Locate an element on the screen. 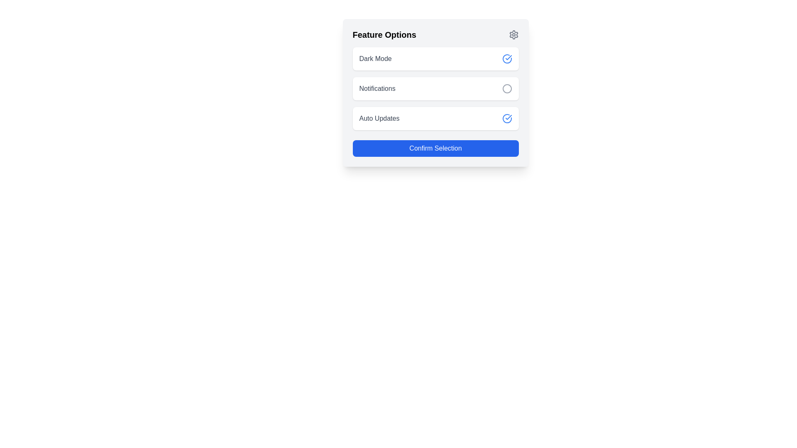  the descriptive text label for notifications, which is the second item in a vertical list between 'Dark Mode' and 'Auto Updates' is located at coordinates (377, 88).